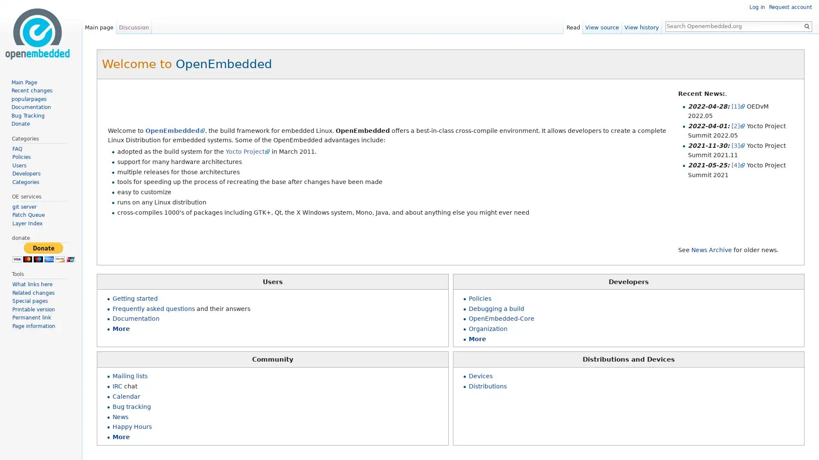 This screenshot has height=460, width=819. What do you see at coordinates (43, 252) in the screenshot?
I see `PayPal - The safer, easier way to pay online!` at bounding box center [43, 252].